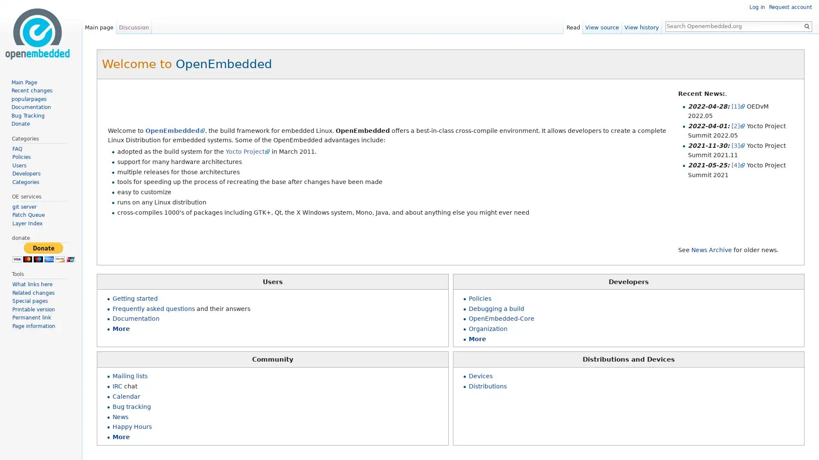 This screenshot has height=460, width=819. What do you see at coordinates (43, 252) in the screenshot?
I see `PayPal - The safer, easier way to pay online!` at bounding box center [43, 252].